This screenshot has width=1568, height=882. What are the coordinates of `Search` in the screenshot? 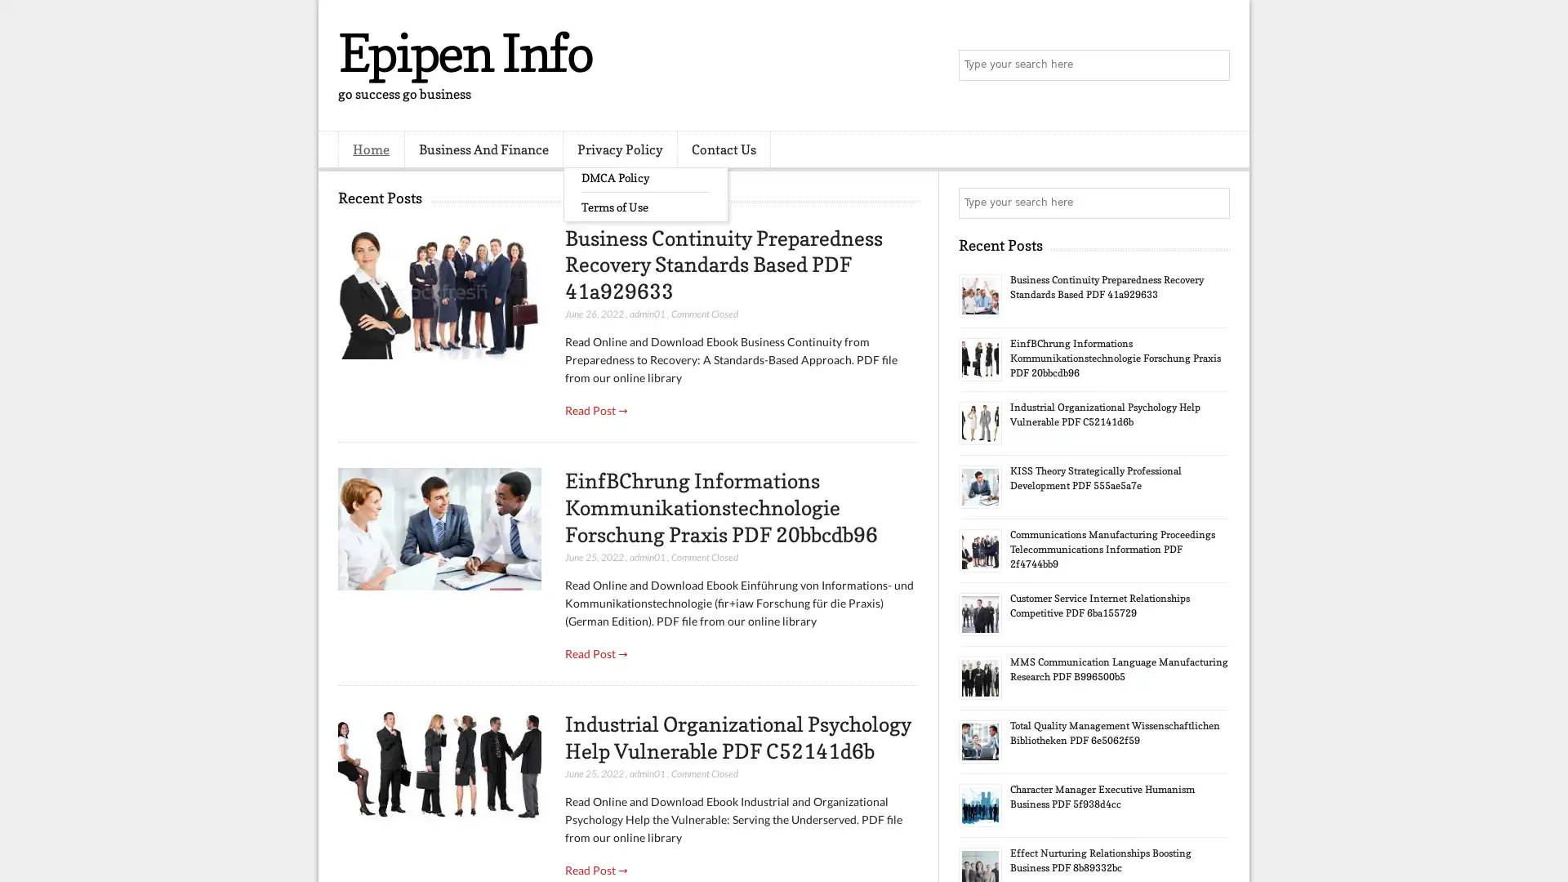 It's located at (1213, 65).